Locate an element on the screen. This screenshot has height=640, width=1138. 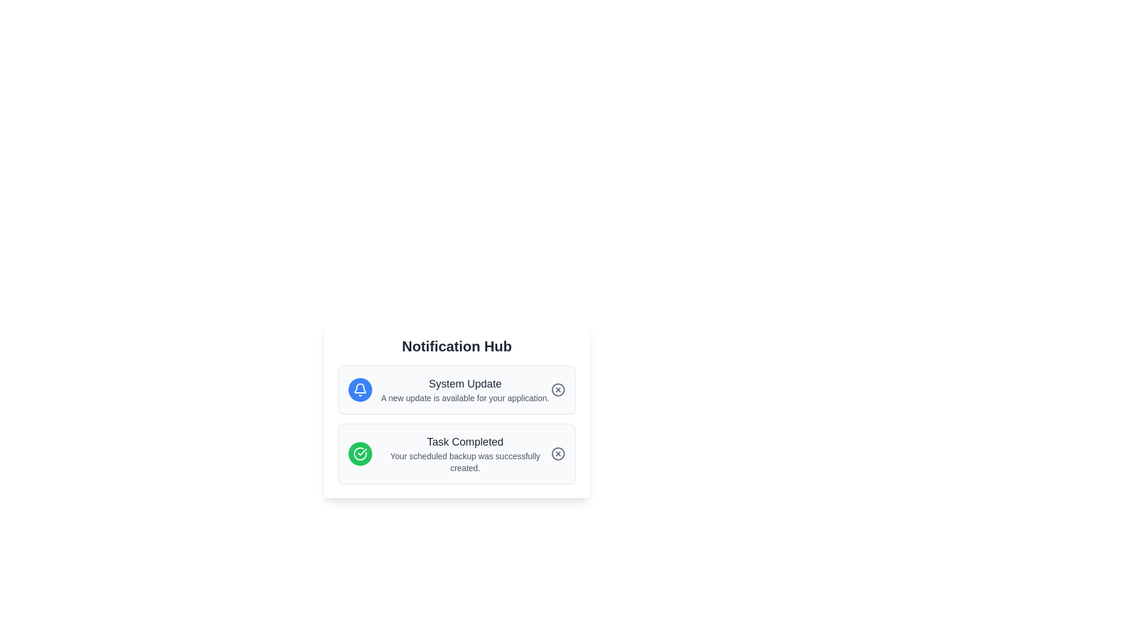
the checkmark icon within the green circular background, which indicates a completed task and is part of the second notification item in the notification hub panel is located at coordinates (362, 452).